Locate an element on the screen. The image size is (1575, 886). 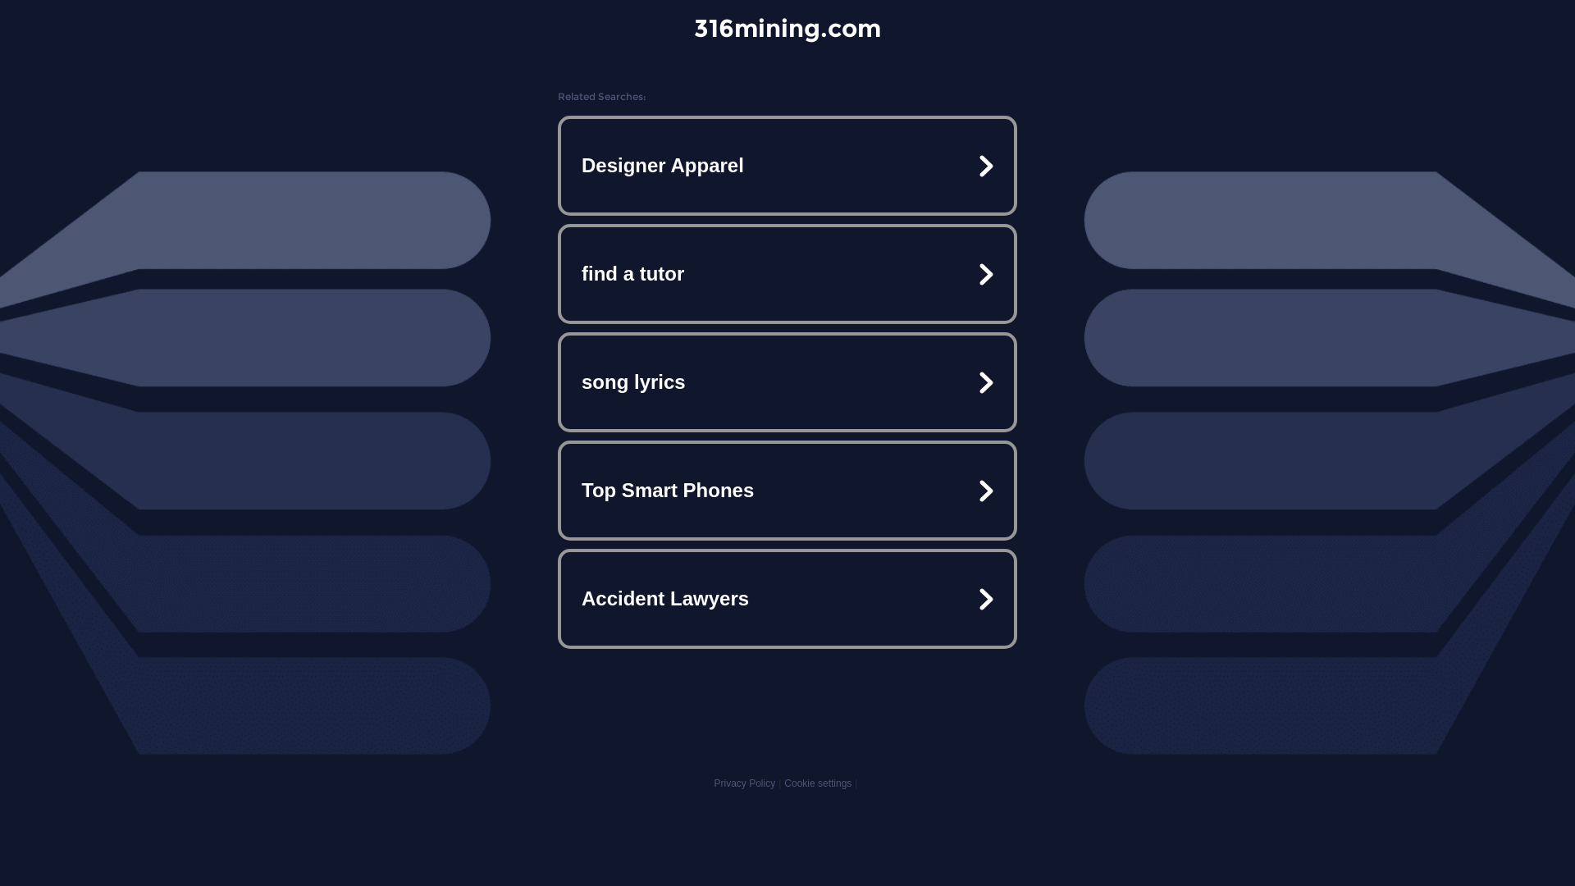
'find a tutor' is located at coordinates (787, 273).